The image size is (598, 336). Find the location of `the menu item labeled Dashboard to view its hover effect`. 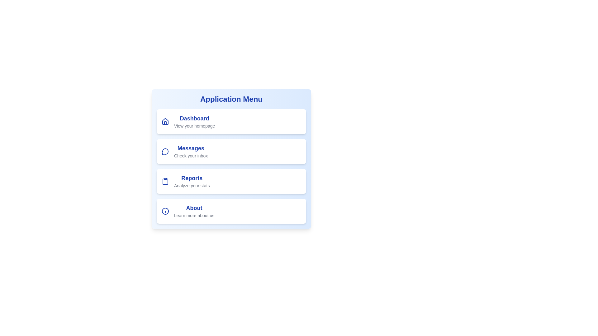

the menu item labeled Dashboard to view its hover effect is located at coordinates (231, 121).